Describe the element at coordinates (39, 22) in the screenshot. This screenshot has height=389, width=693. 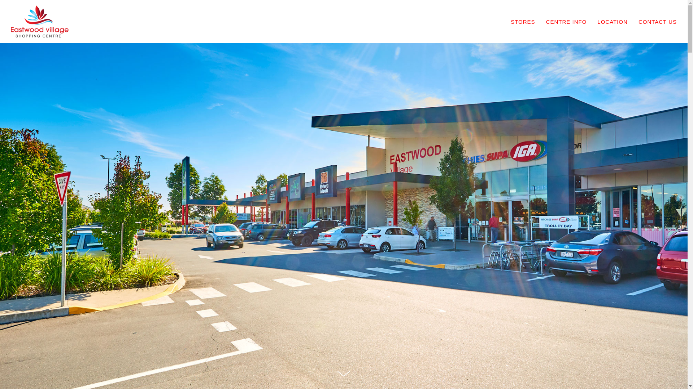
I see `'Eastwood Village Shopping Centre'` at that location.